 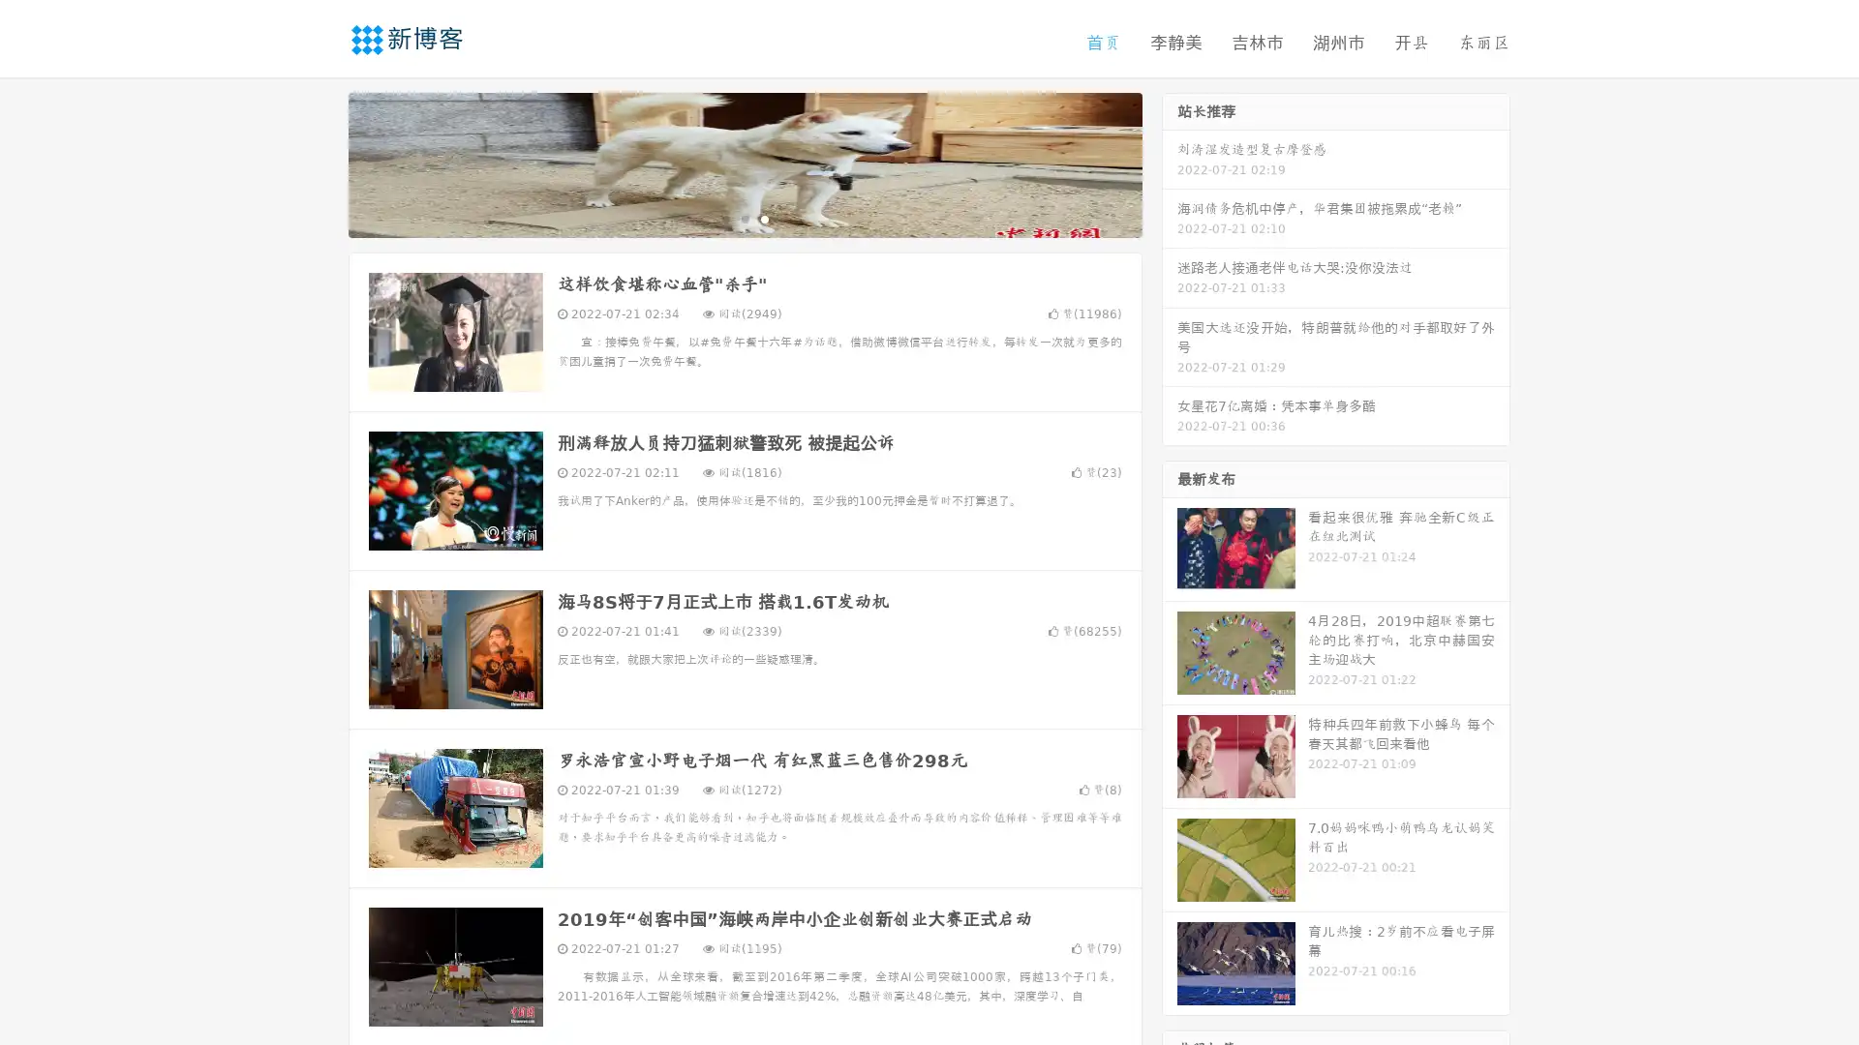 I want to click on Go to slide 3, so click(x=764, y=218).